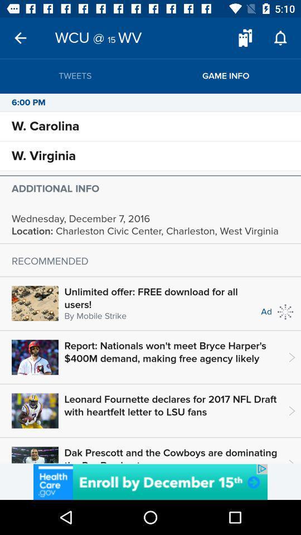  What do you see at coordinates (245, 38) in the screenshot?
I see `the sliders icon` at bounding box center [245, 38].